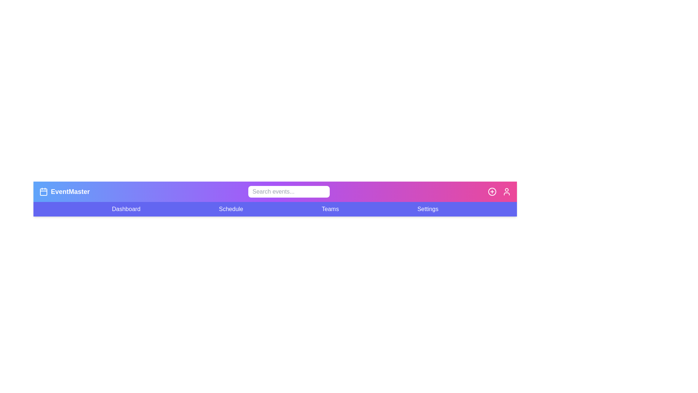 The height and width of the screenshot is (393, 698). Describe the element at coordinates (230, 209) in the screenshot. I see `the menu item Schedule to navigate` at that location.